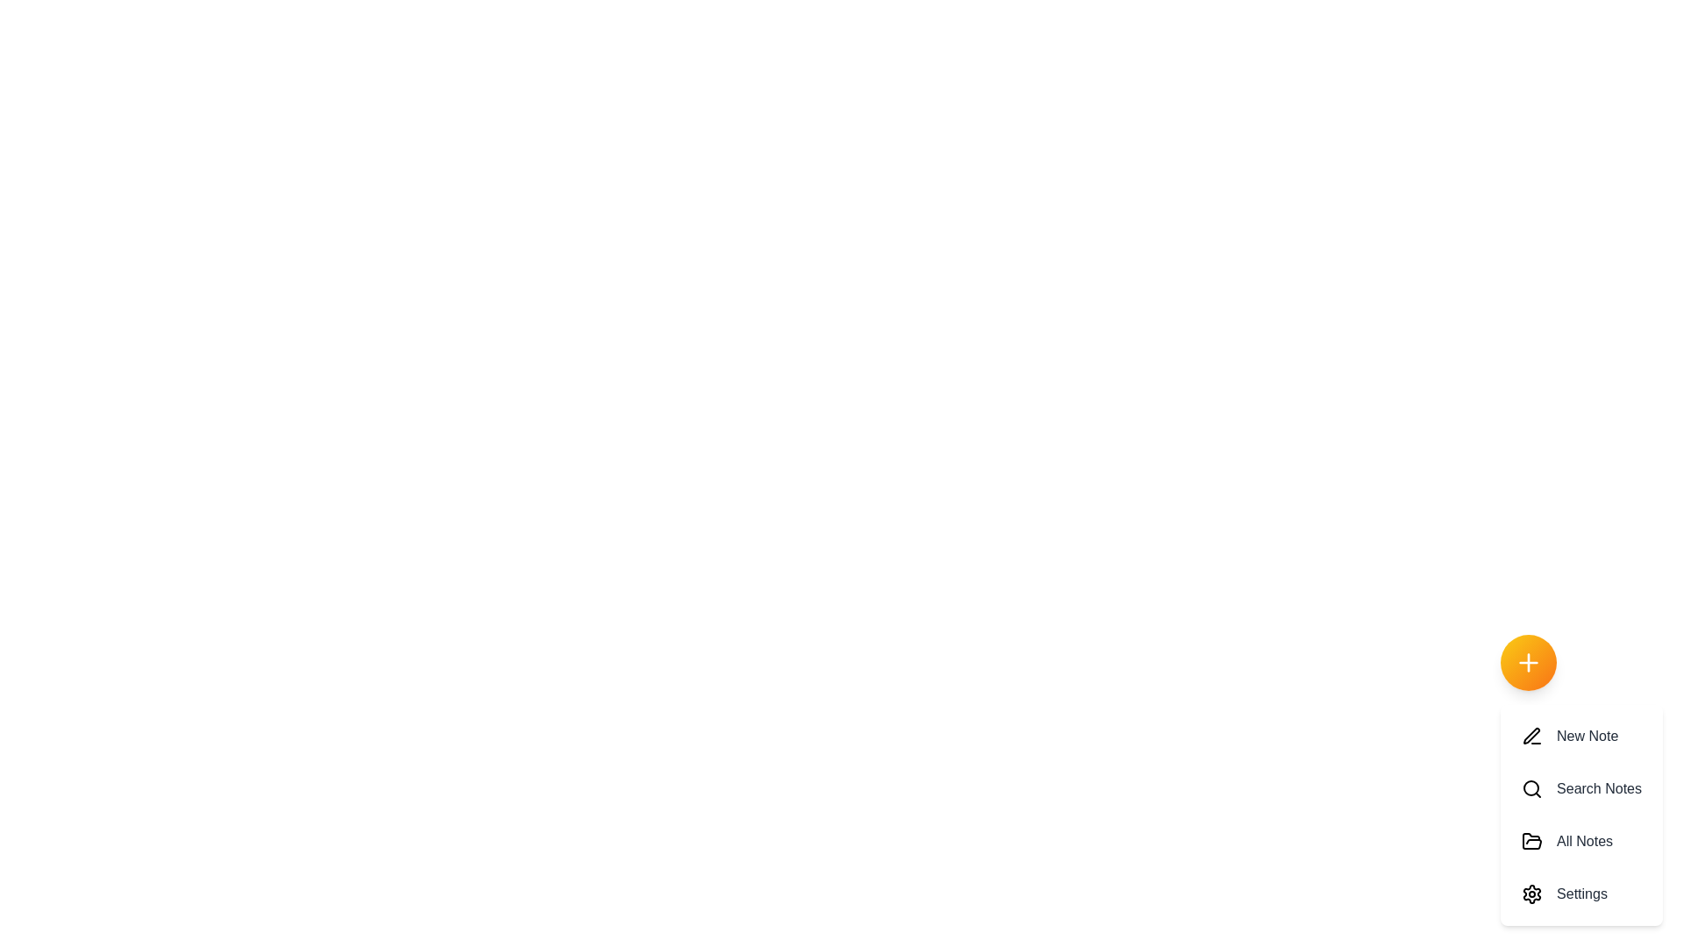 This screenshot has height=947, width=1684. I want to click on the 'Settings' option in the menu, so click(1581, 894).